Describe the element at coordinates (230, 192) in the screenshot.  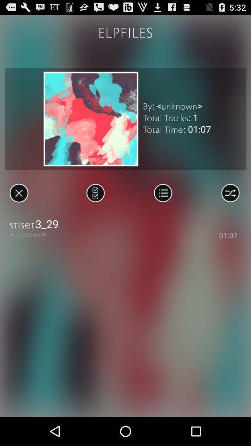
I see `repeat` at that location.